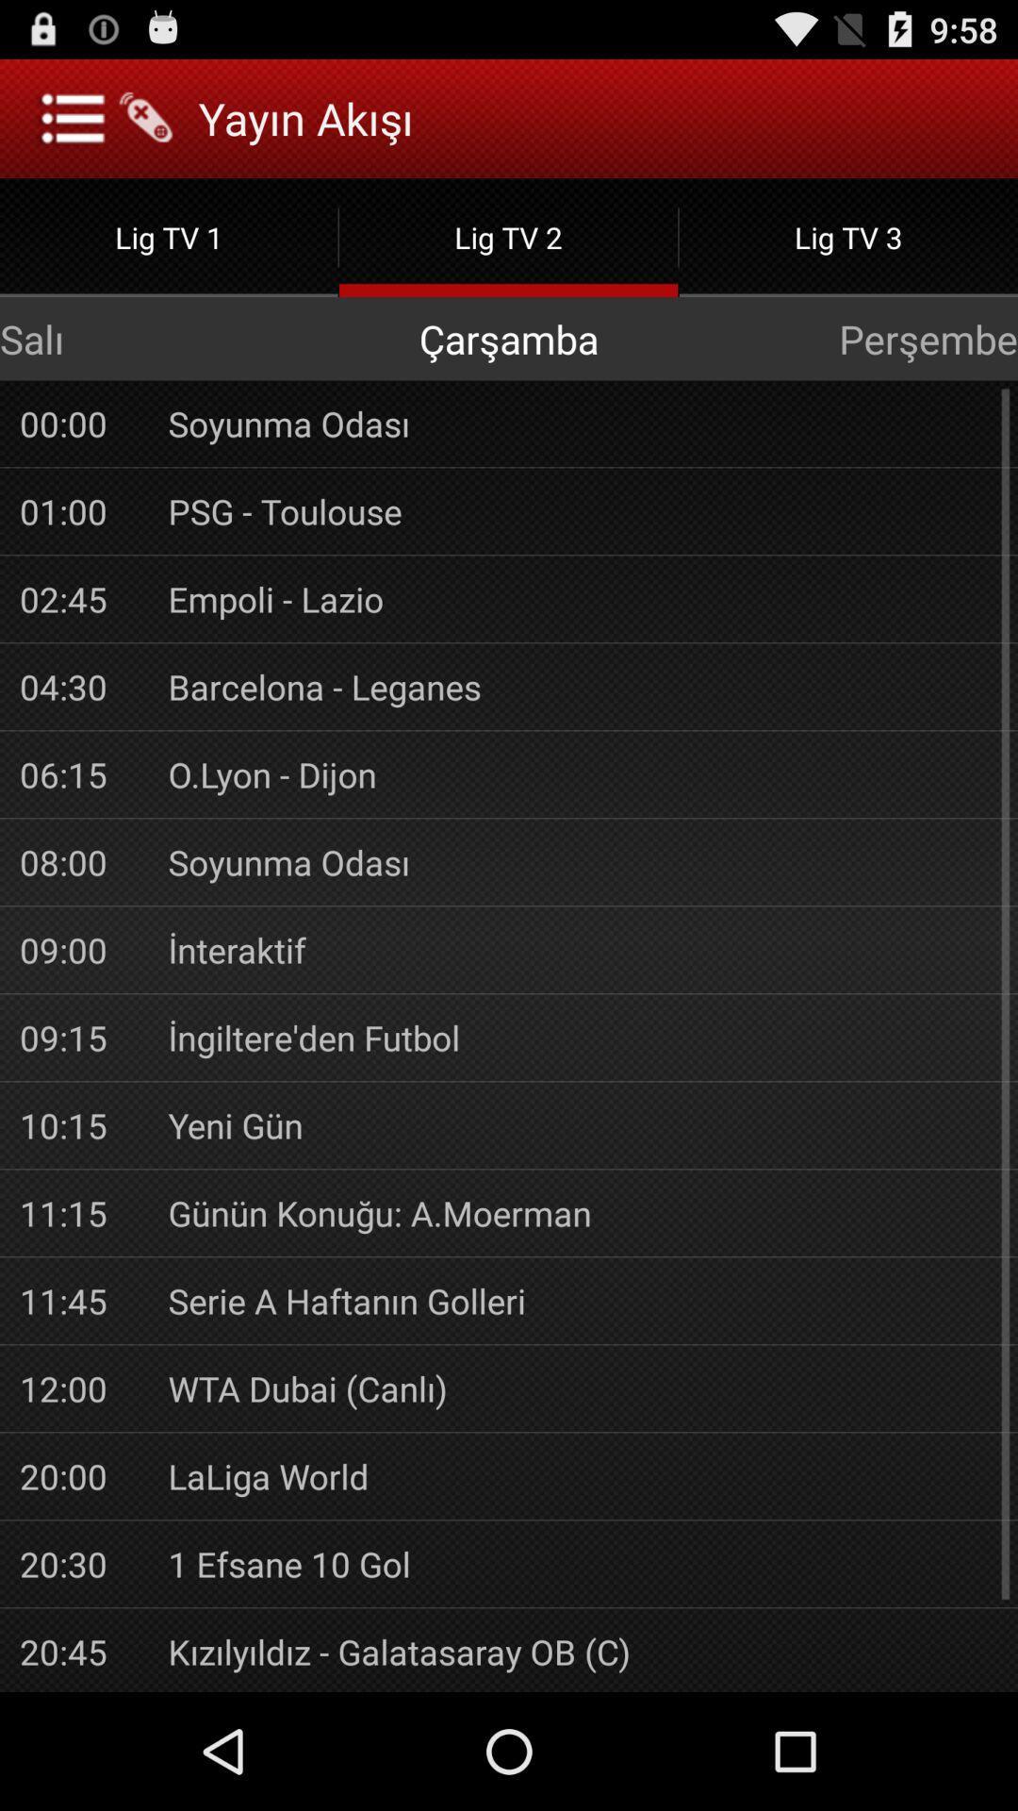 This screenshot has width=1018, height=1811. Describe the element at coordinates (582, 1213) in the screenshot. I see `the app to the right of 11:15 app` at that location.